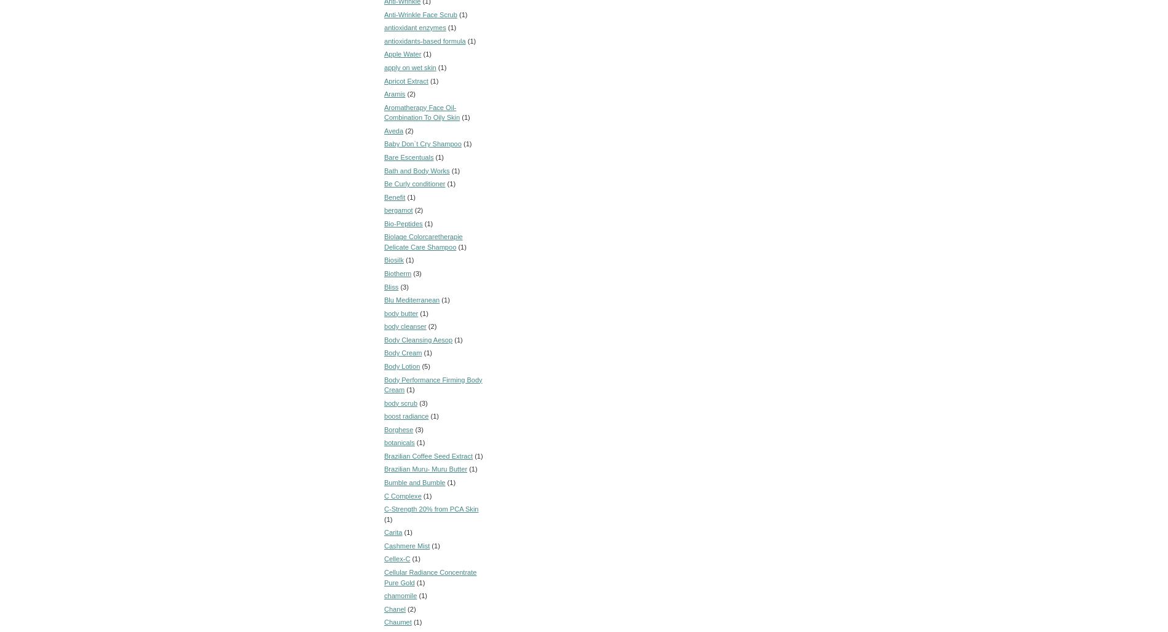  What do you see at coordinates (425, 39) in the screenshot?
I see `'antioxidants-based formula'` at bounding box center [425, 39].